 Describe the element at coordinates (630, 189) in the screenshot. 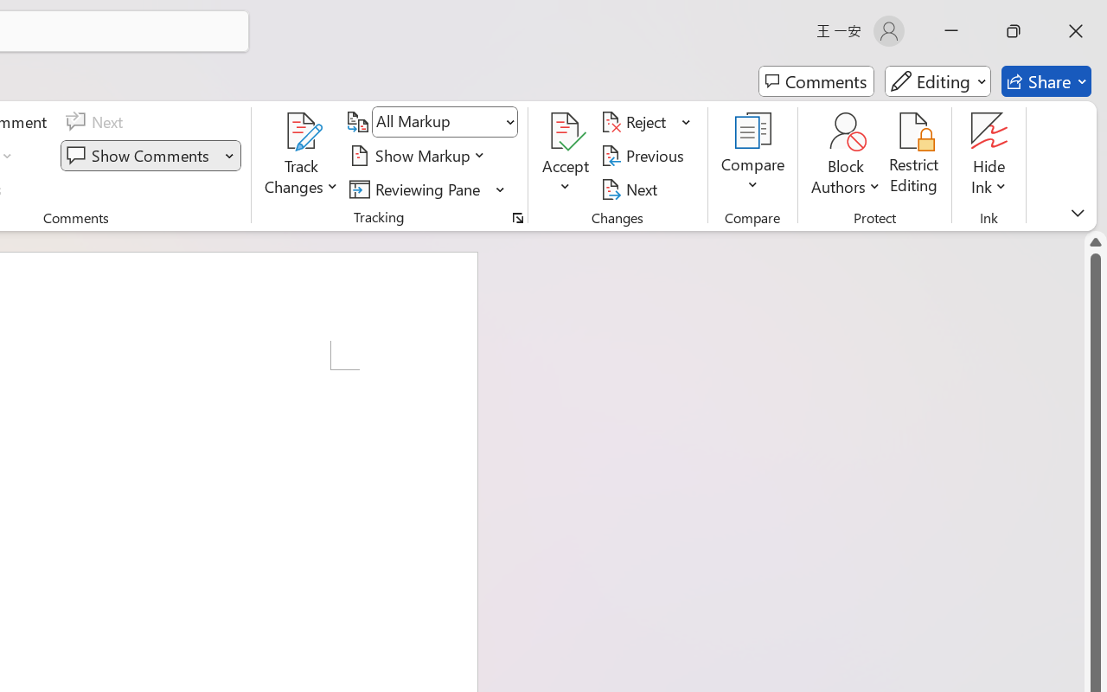

I see `'Next'` at that location.